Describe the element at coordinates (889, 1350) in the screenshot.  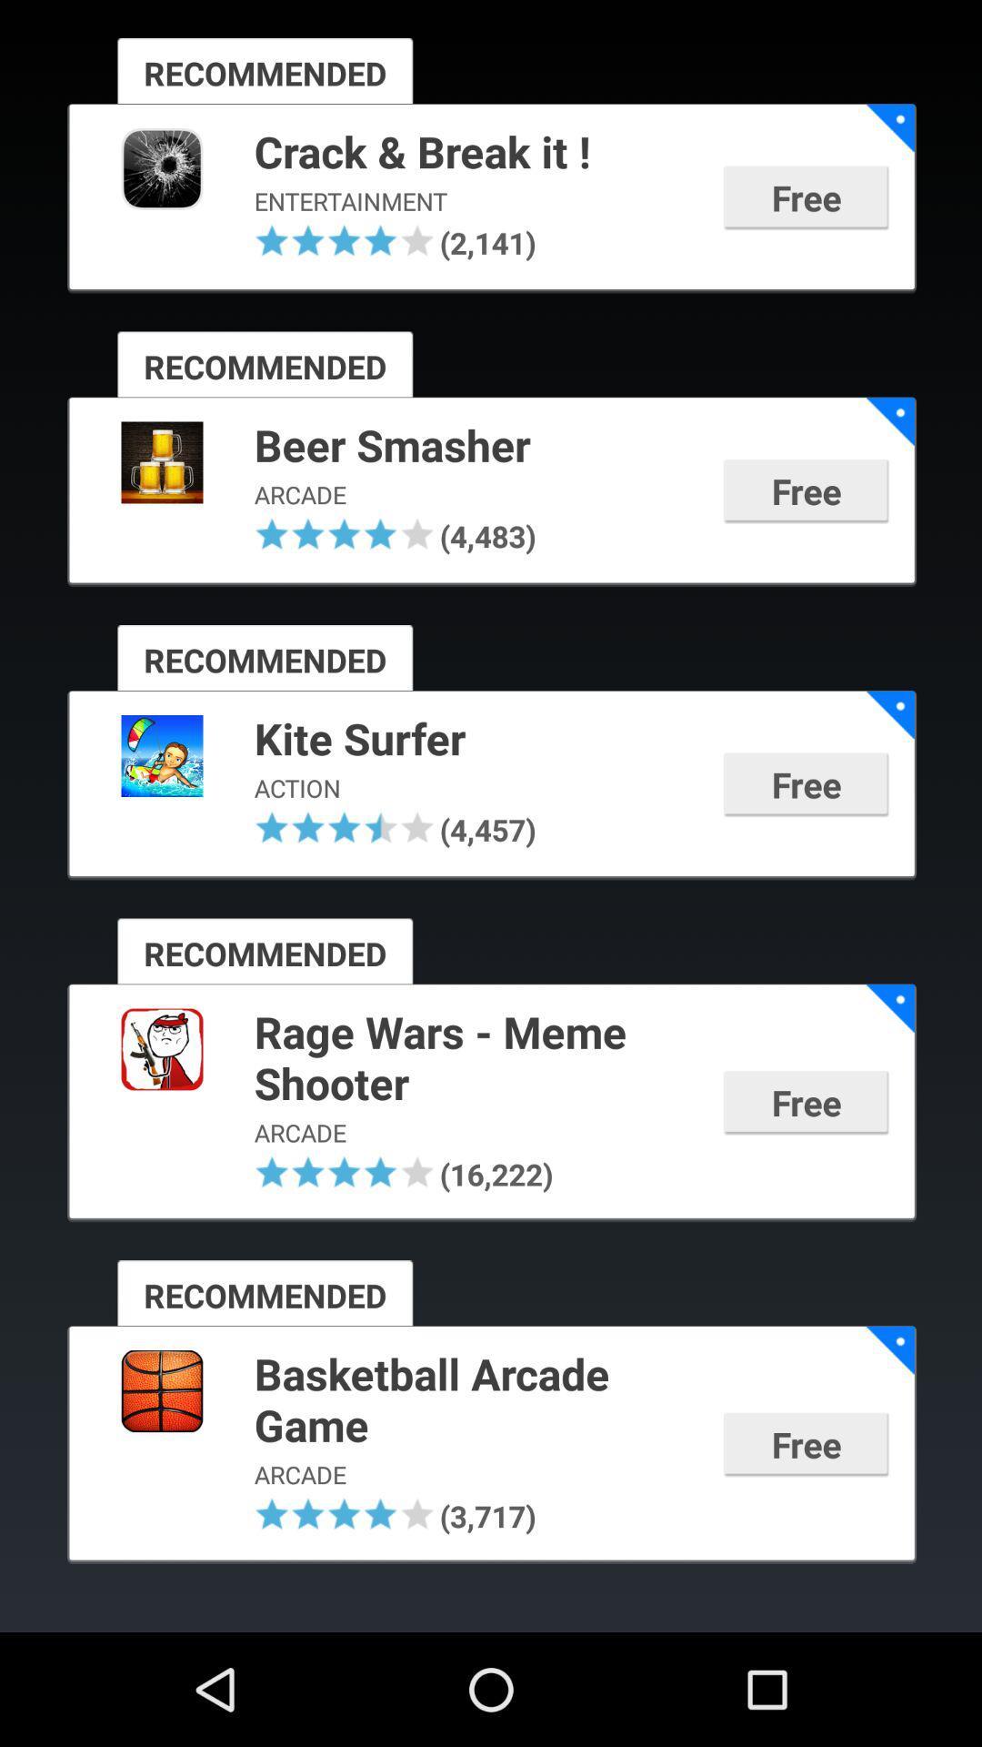
I see `the icon to the right of basketball arcade game icon` at that location.